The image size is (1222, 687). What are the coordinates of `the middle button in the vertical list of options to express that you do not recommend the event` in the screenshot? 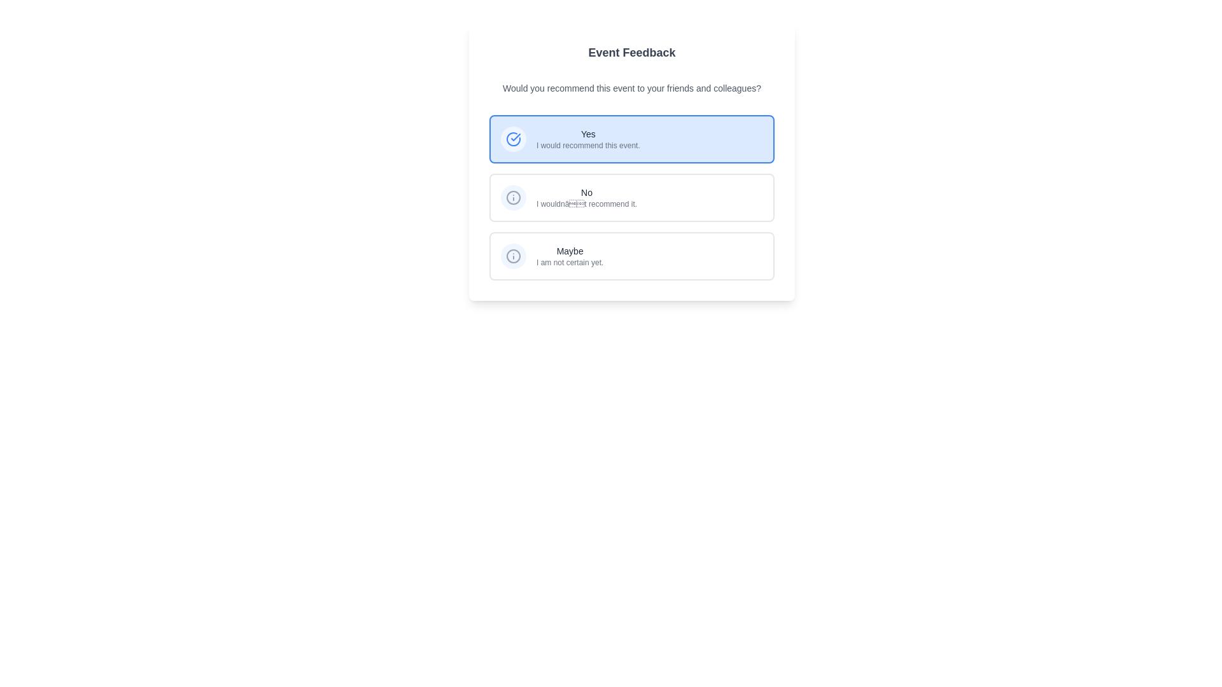 It's located at (632, 198).